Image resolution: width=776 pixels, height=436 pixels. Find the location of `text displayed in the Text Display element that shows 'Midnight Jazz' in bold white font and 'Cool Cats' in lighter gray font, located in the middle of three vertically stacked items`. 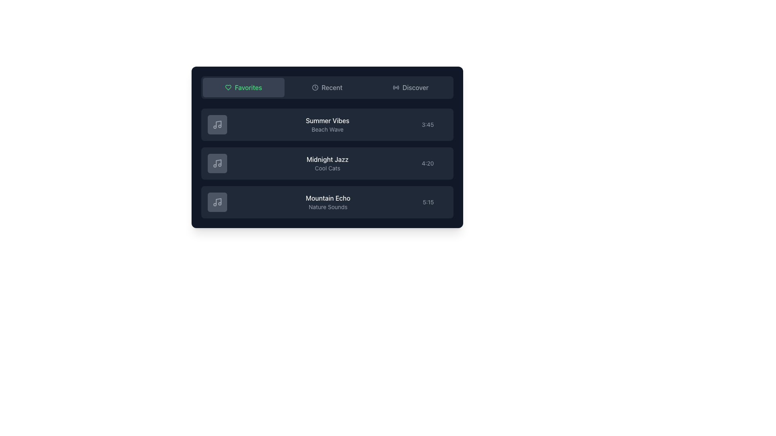

text displayed in the Text Display element that shows 'Midnight Jazz' in bold white font and 'Cool Cats' in lighter gray font, located in the middle of three vertically stacked items is located at coordinates (327, 163).